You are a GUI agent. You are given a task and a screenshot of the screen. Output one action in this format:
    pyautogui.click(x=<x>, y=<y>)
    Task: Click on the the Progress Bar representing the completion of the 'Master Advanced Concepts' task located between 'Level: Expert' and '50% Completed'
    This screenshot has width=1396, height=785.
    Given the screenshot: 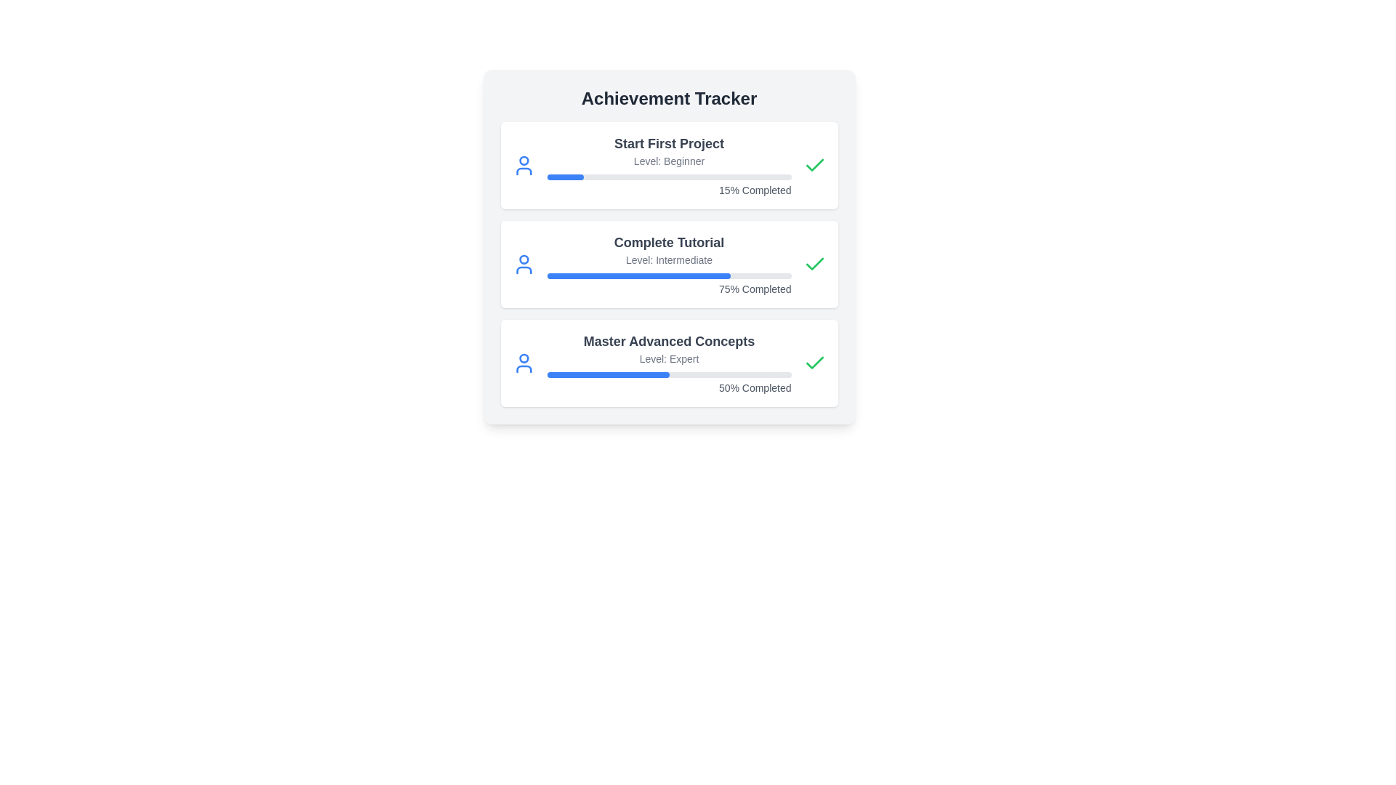 What is the action you would take?
    pyautogui.click(x=668, y=374)
    